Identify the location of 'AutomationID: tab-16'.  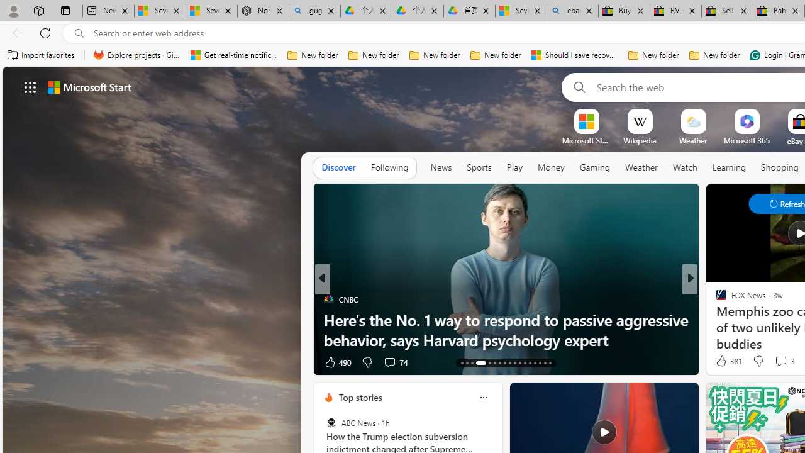
(476, 363).